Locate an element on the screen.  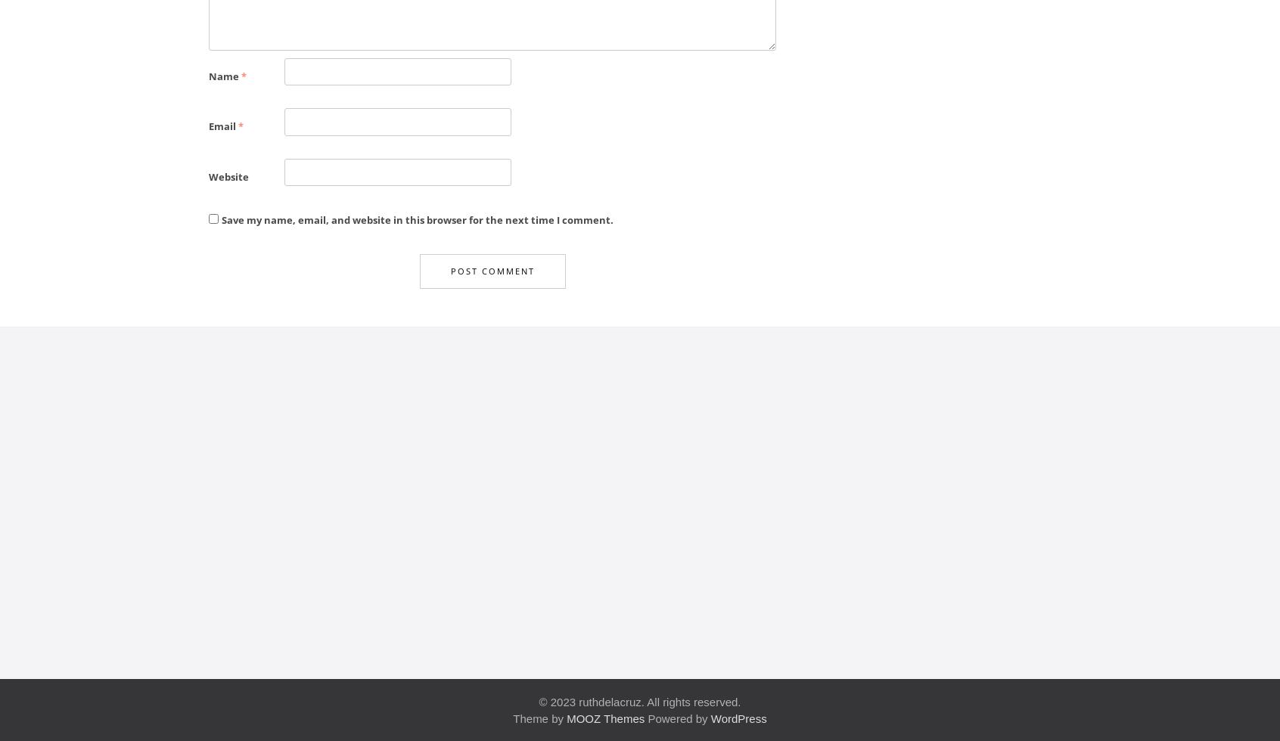
'Theme by' is located at coordinates (539, 718).